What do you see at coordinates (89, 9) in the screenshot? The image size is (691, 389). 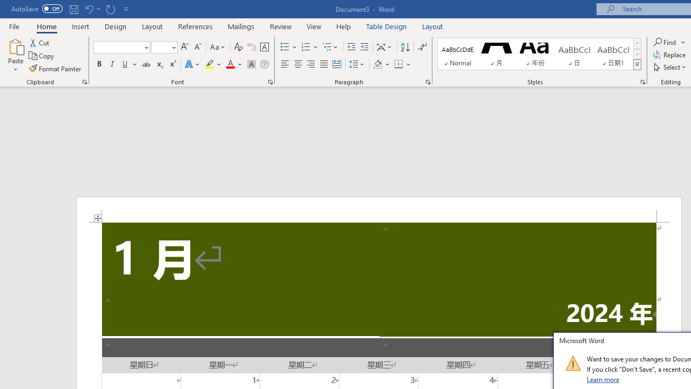 I see `'Undo Distribute Para'` at bounding box center [89, 9].